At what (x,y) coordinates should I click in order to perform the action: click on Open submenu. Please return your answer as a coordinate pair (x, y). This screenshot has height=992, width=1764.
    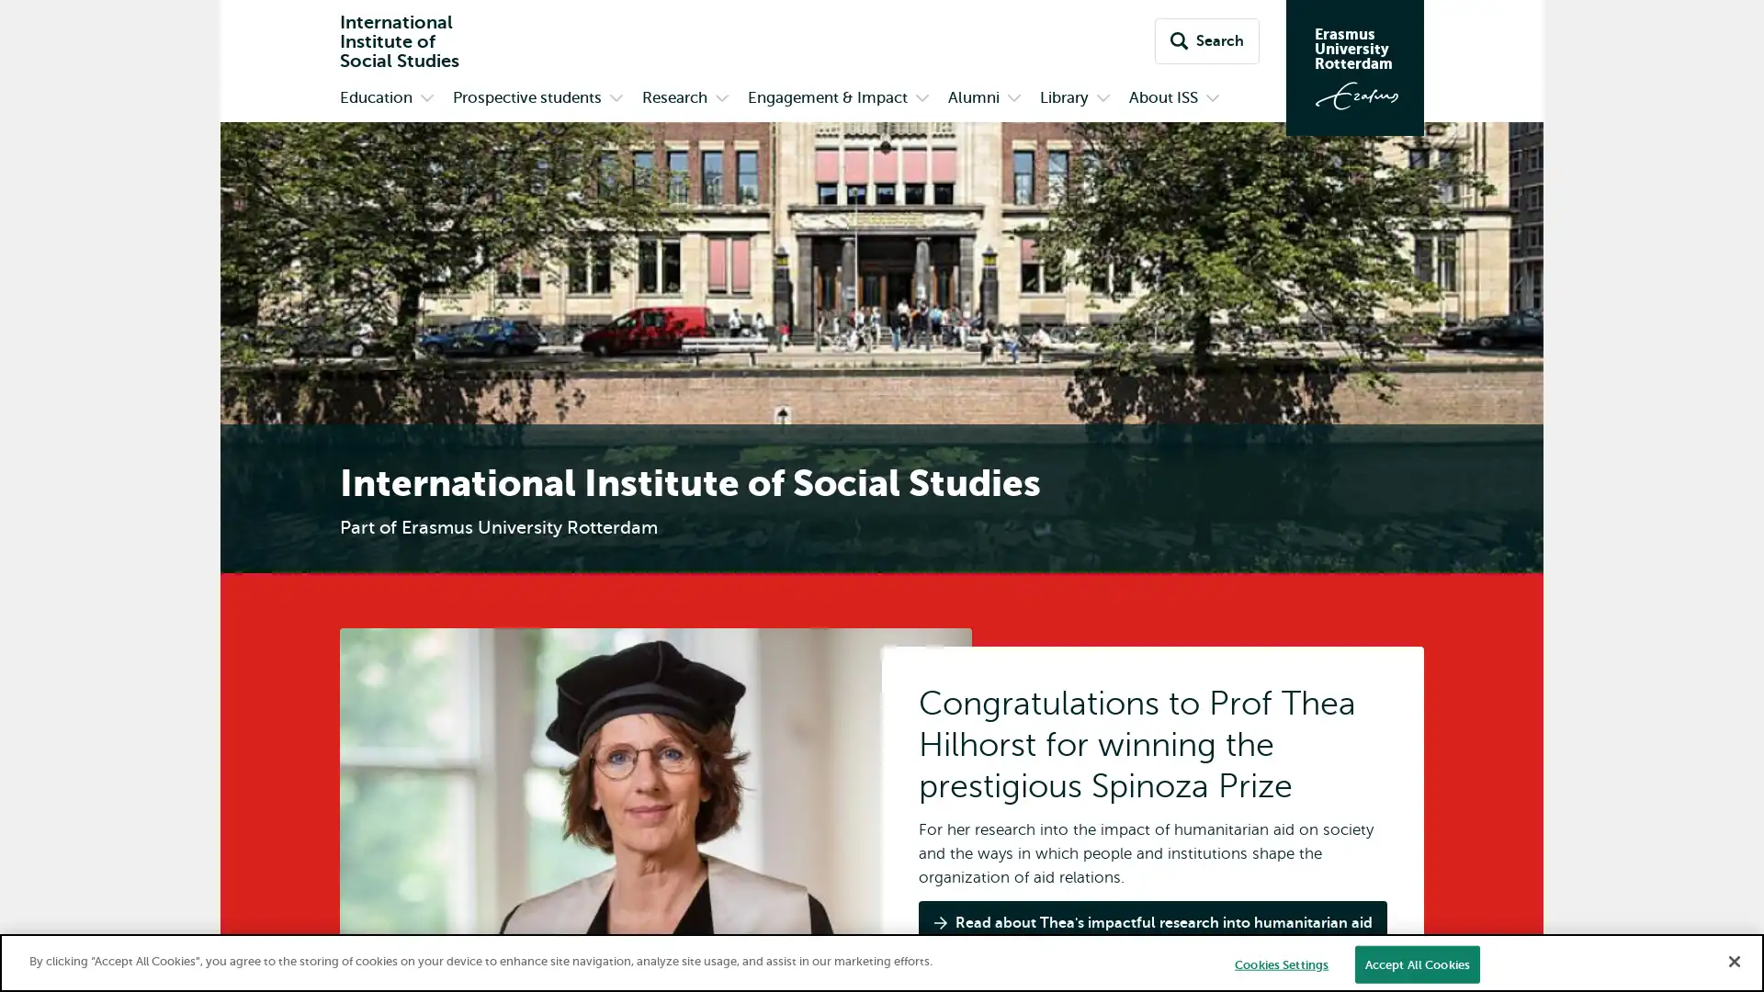
    Looking at the image, I should click on (616, 99).